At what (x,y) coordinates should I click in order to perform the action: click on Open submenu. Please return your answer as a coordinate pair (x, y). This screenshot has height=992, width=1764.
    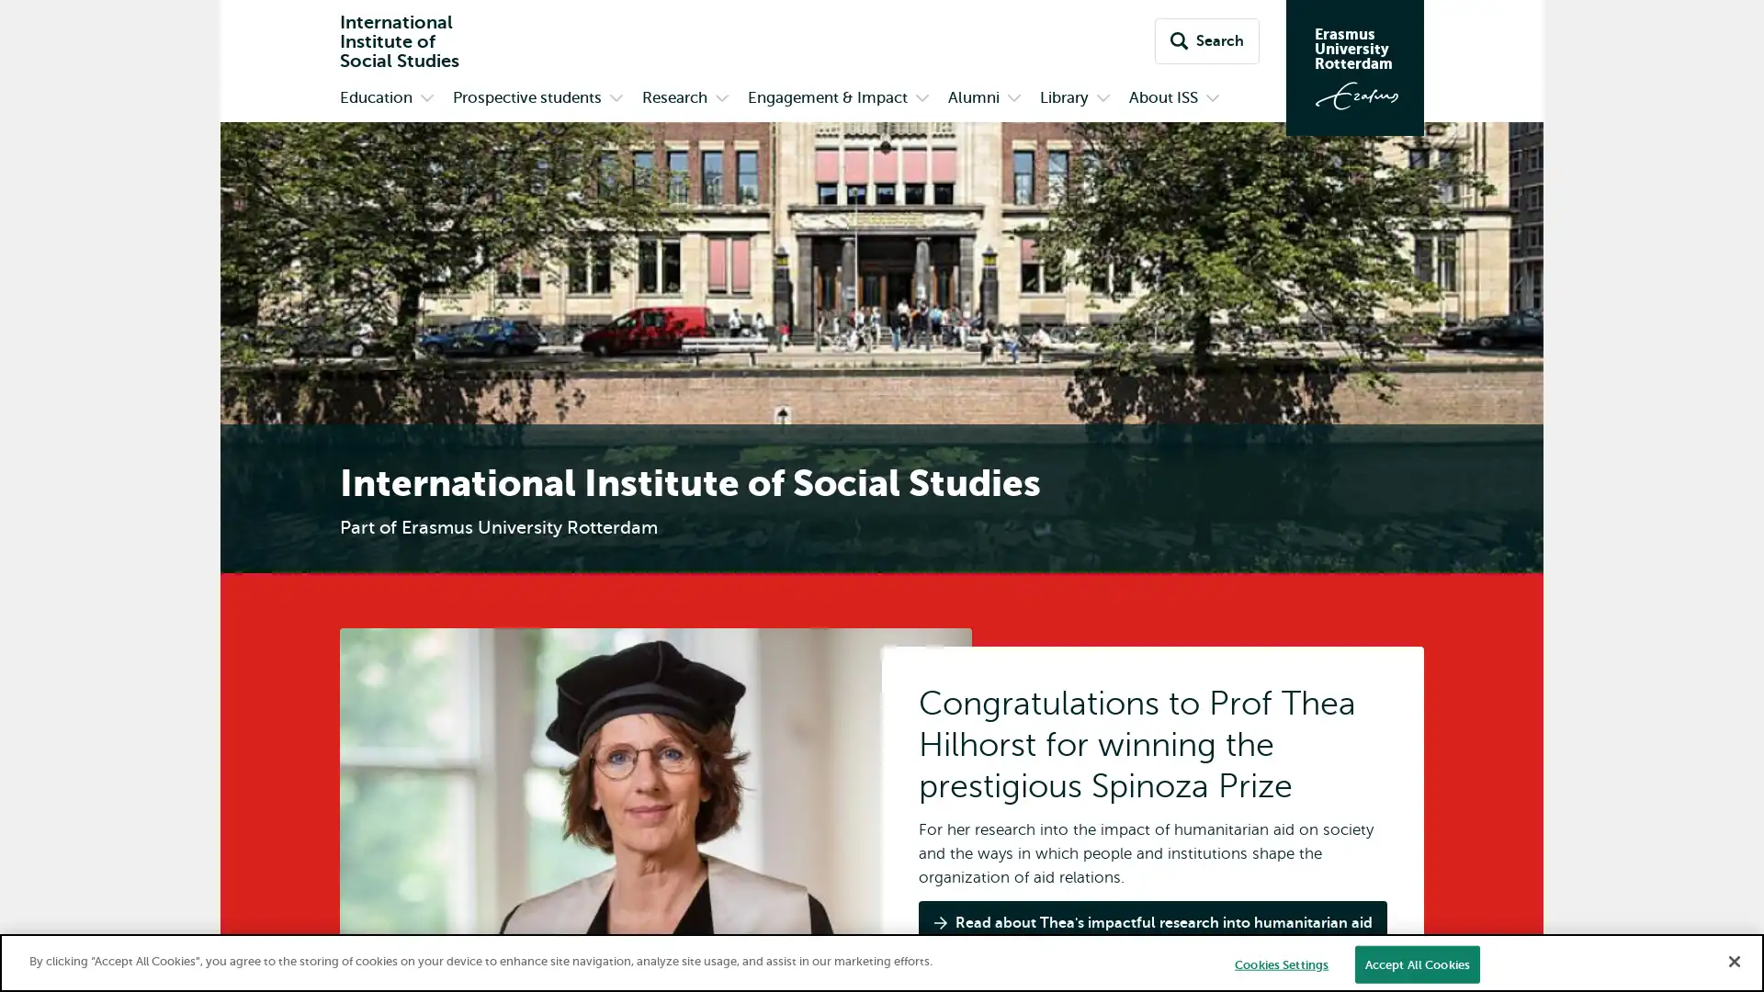
    Looking at the image, I should click on (616, 99).